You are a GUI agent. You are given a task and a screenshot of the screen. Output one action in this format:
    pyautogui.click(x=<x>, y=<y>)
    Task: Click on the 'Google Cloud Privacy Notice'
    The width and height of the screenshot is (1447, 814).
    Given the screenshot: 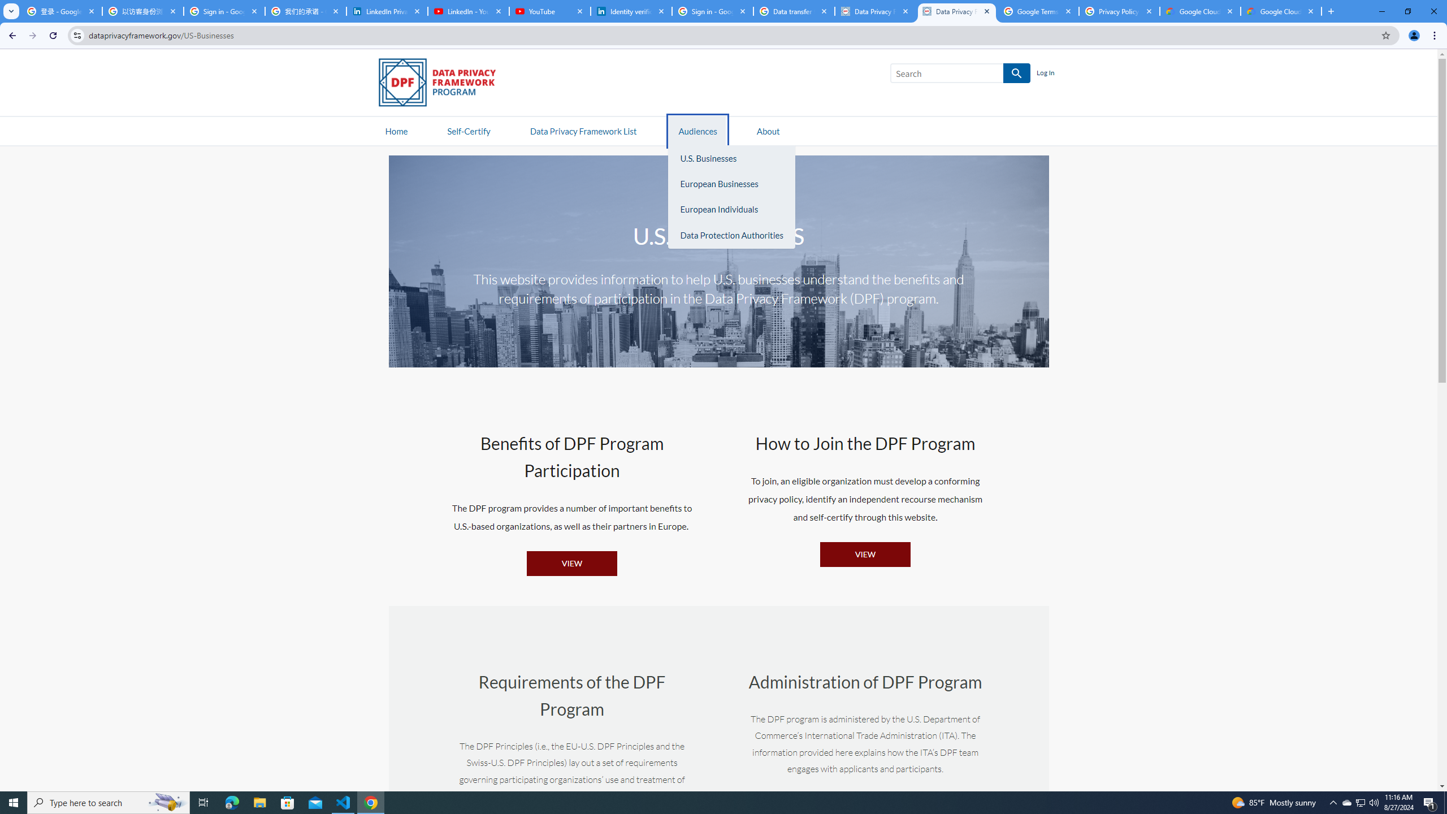 What is the action you would take?
    pyautogui.click(x=1200, y=11)
    